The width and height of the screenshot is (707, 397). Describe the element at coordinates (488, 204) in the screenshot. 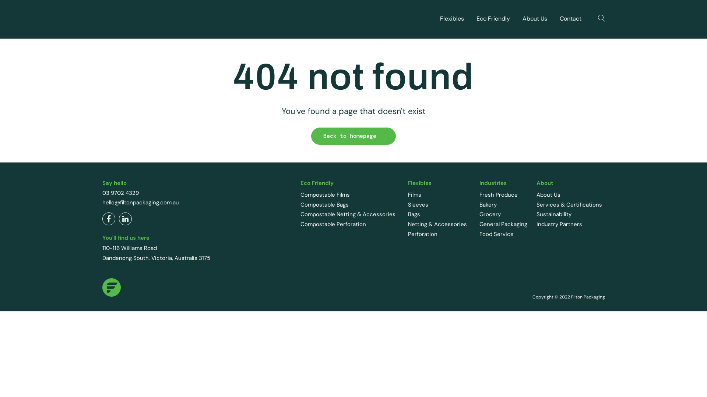

I see `'Bakery'` at that location.